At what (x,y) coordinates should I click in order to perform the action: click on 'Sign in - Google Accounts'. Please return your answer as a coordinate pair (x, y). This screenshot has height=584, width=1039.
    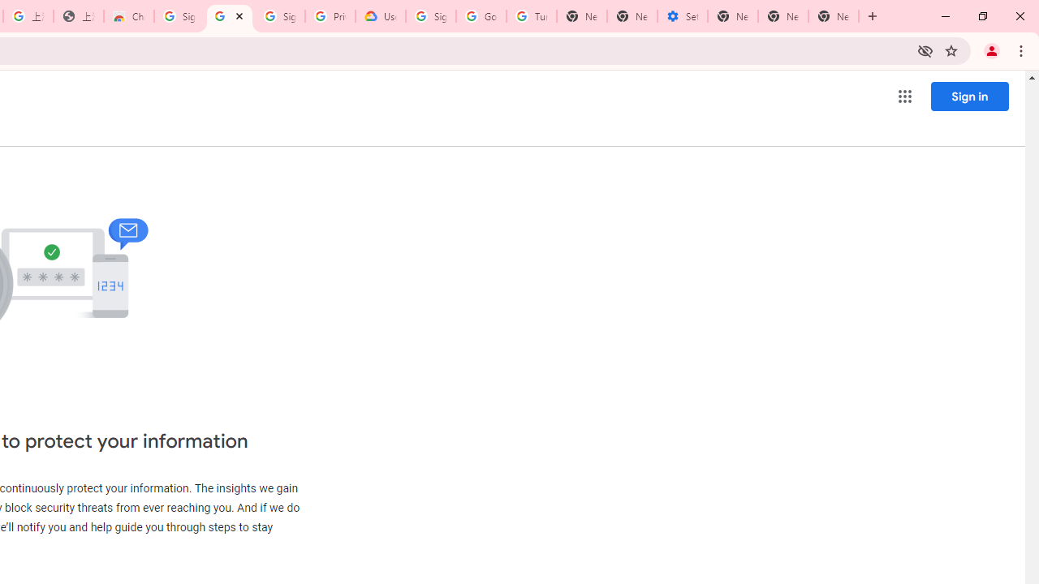
    Looking at the image, I should click on (179, 16).